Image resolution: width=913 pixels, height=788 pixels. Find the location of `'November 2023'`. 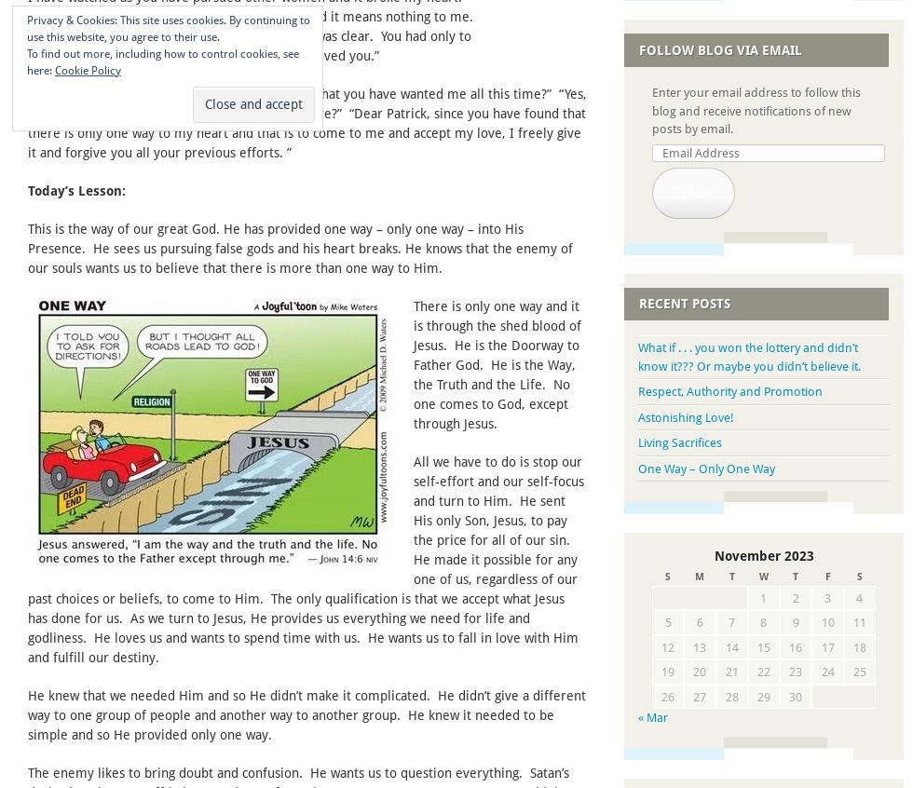

'November 2023' is located at coordinates (763, 555).